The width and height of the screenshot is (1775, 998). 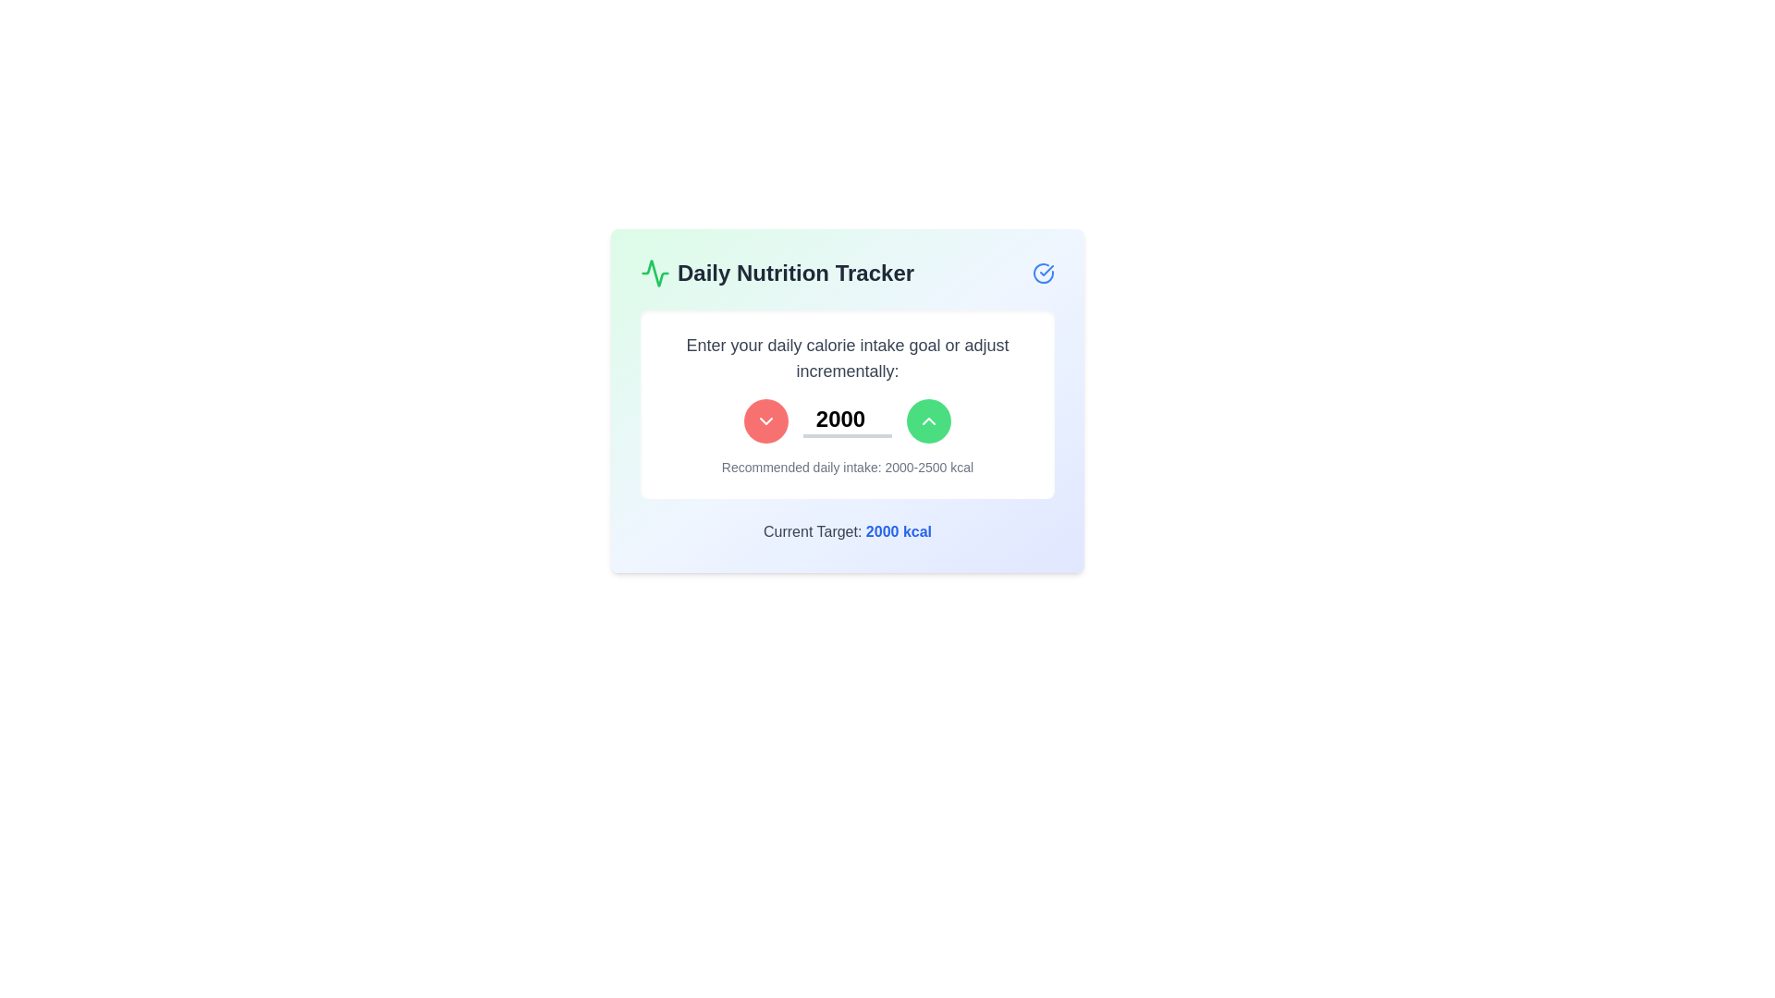 What do you see at coordinates (655, 274) in the screenshot?
I see `the heart-beat styled chart icon located at the top-left of the 'Daily Nutrition Tracker' card, which is characterized by sharp, angular lines and a green color` at bounding box center [655, 274].